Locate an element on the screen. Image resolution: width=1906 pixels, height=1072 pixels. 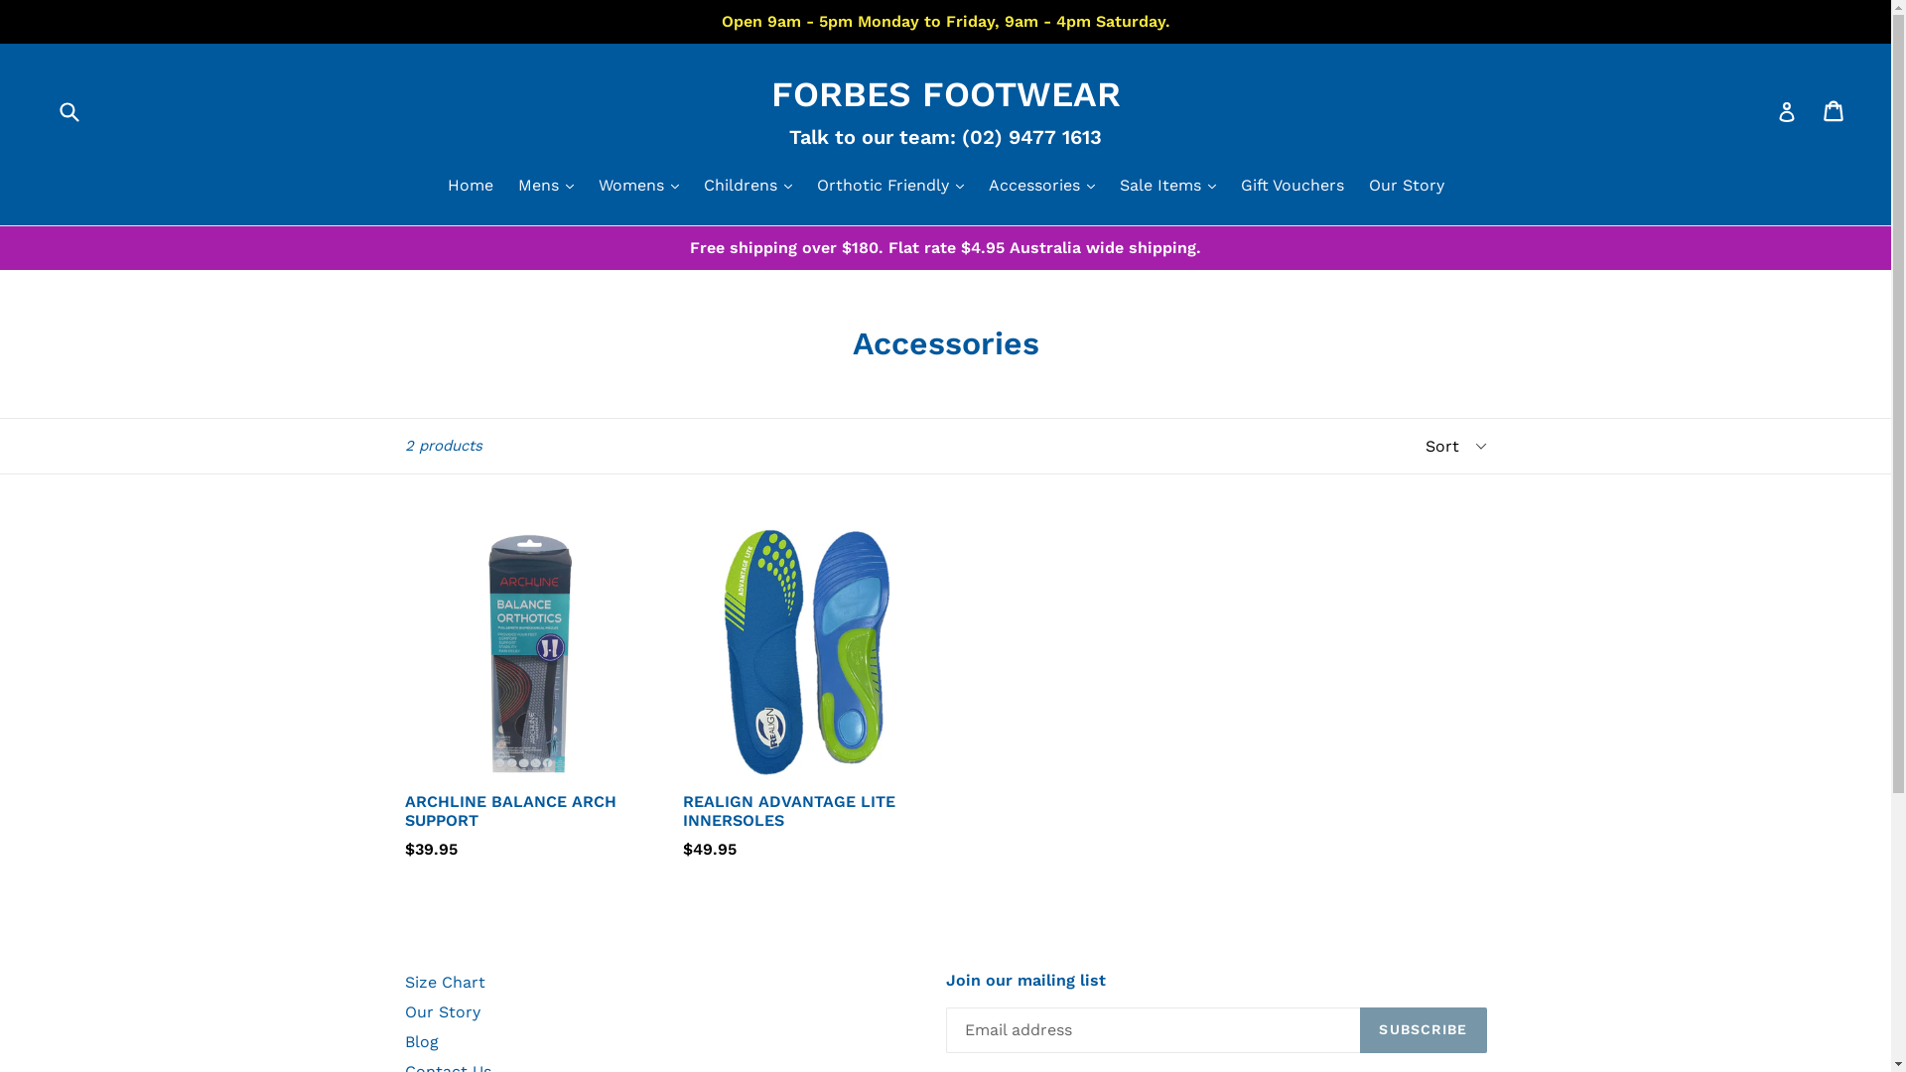
'Cart is located at coordinates (1824, 110).